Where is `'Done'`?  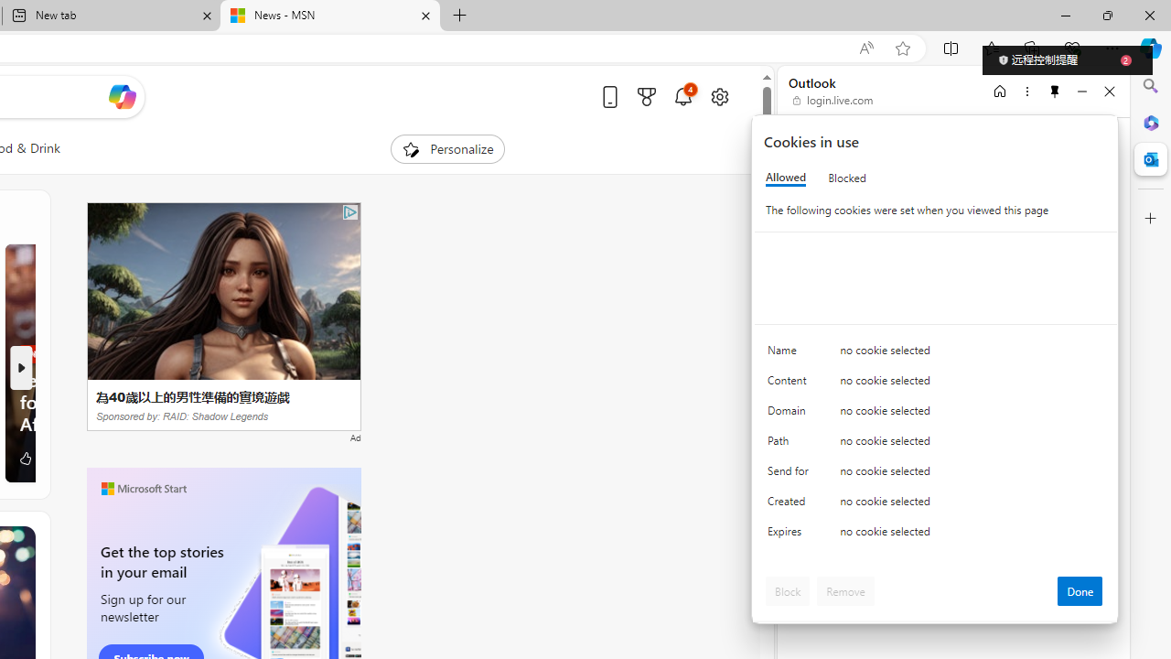 'Done' is located at coordinates (1080, 590).